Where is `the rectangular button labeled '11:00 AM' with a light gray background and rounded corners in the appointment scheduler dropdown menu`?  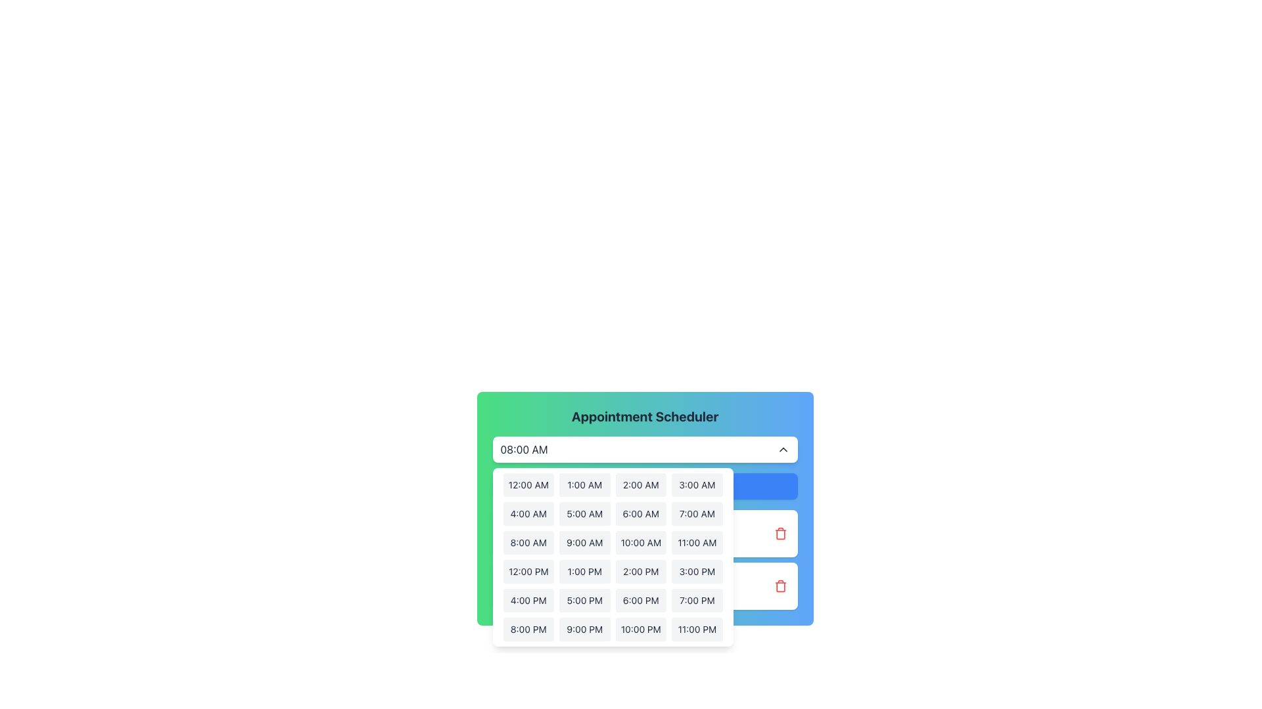 the rectangular button labeled '11:00 AM' with a light gray background and rounded corners in the appointment scheduler dropdown menu is located at coordinates (696, 542).